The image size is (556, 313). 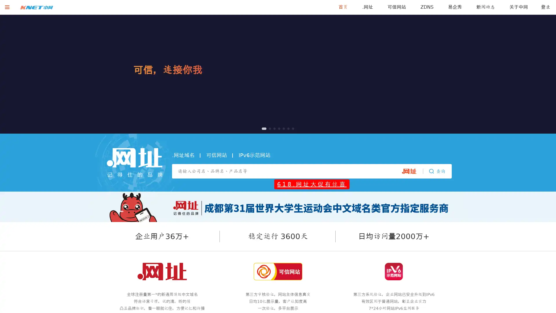 I want to click on Go to slide 6, so click(x=287, y=128).